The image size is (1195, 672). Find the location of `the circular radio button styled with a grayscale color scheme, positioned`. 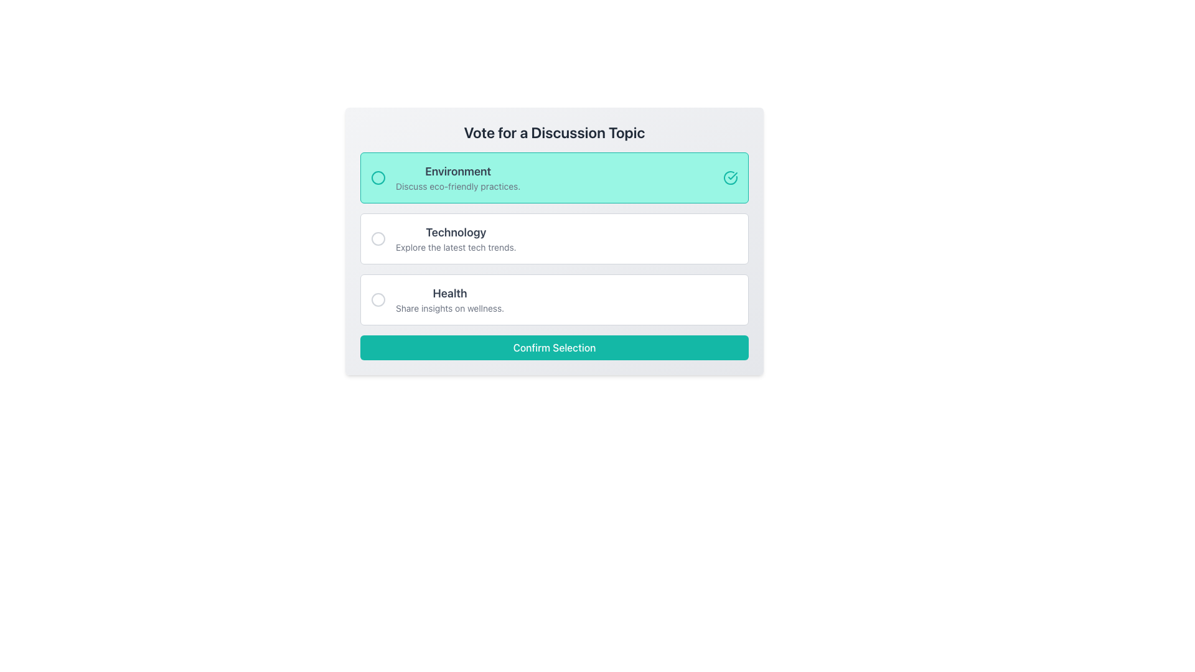

the circular radio button styled with a grayscale color scheme, positioned is located at coordinates (378, 300).